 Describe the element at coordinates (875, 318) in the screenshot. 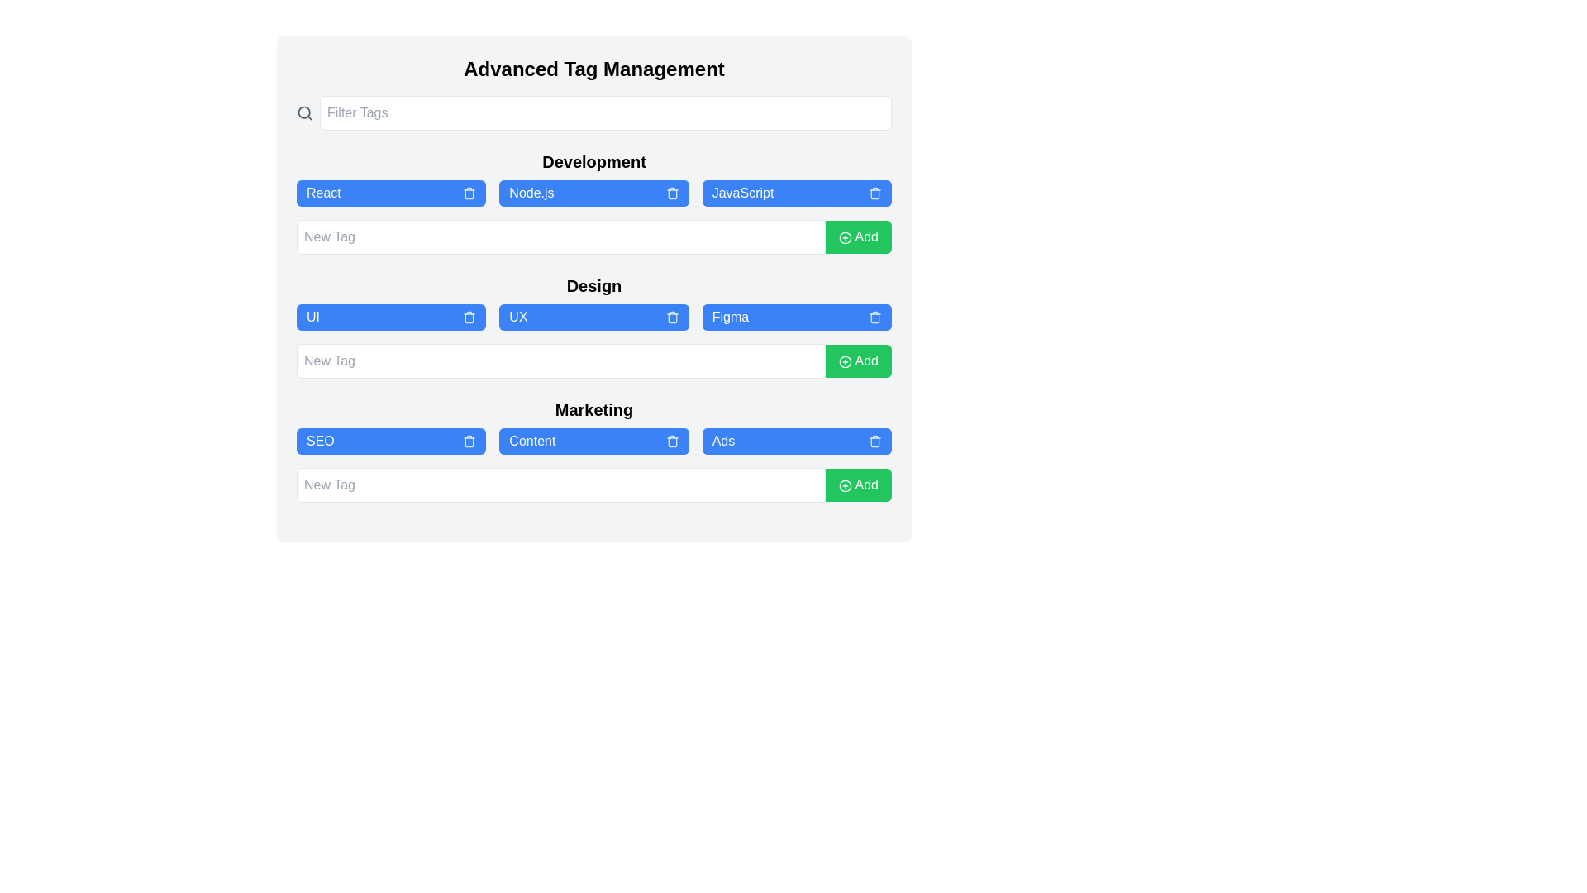

I see `the trash can icon button located at the far right within the 'Figma' tag under the 'Design' section` at that location.